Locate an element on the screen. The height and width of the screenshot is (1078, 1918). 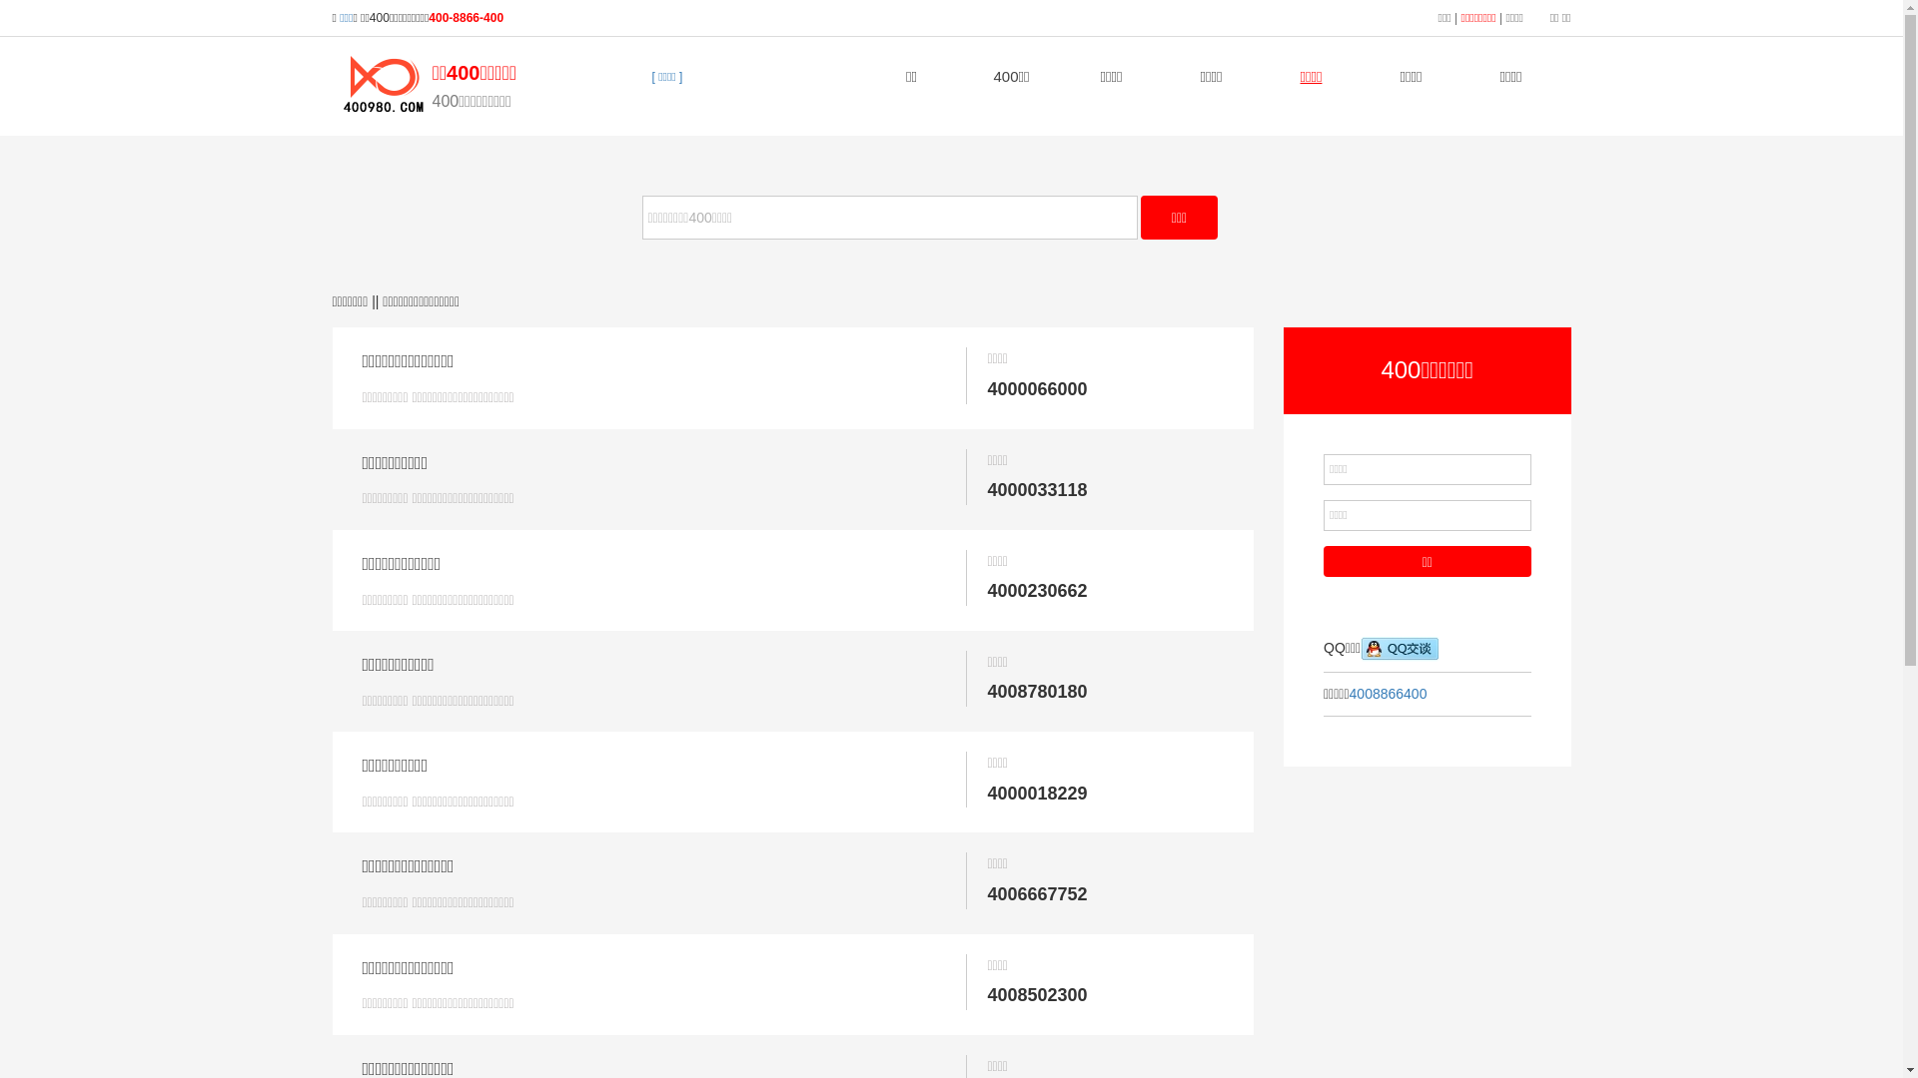
'4008866400' is located at coordinates (1349, 692).